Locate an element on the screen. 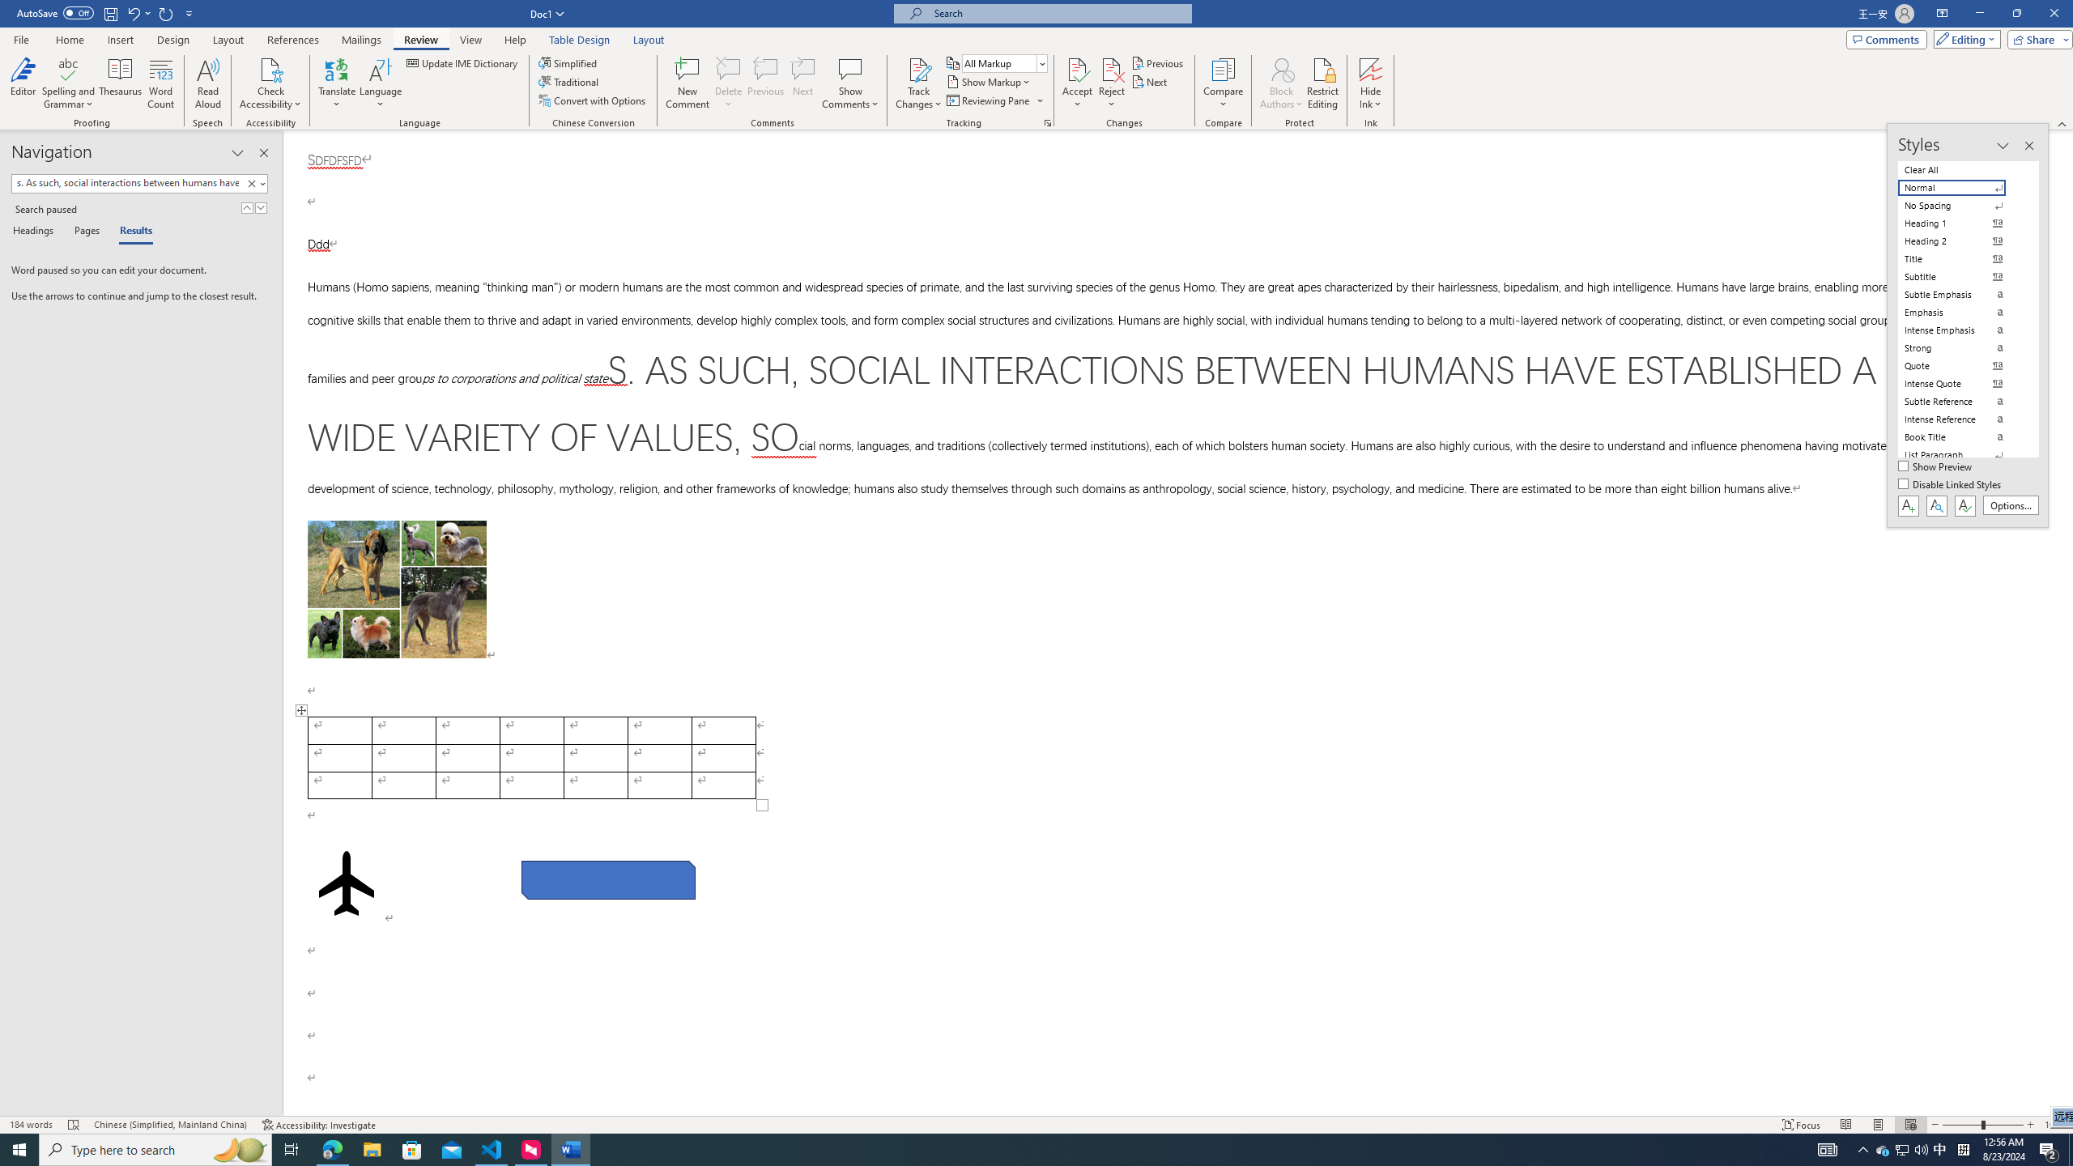  'Options...' is located at coordinates (2011, 505).